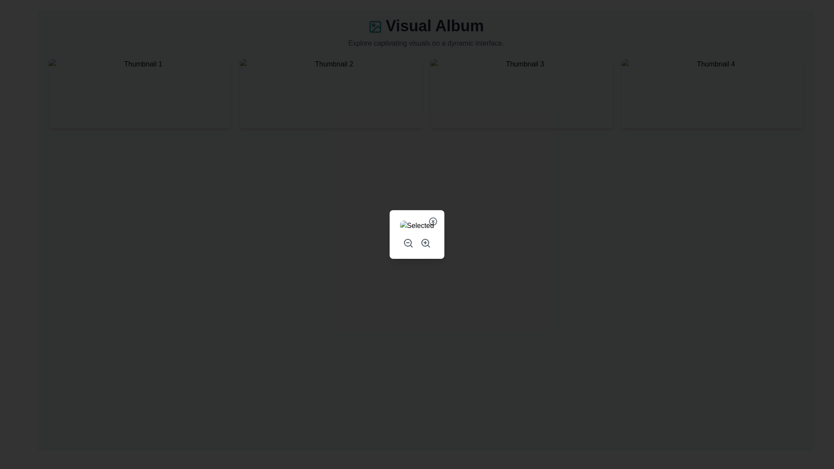 The height and width of the screenshot is (469, 834). Describe the element at coordinates (426, 33) in the screenshot. I see `main heading text located at the top of the interface, which describes the content theme and is positioned above a grid of thumbnails` at that location.